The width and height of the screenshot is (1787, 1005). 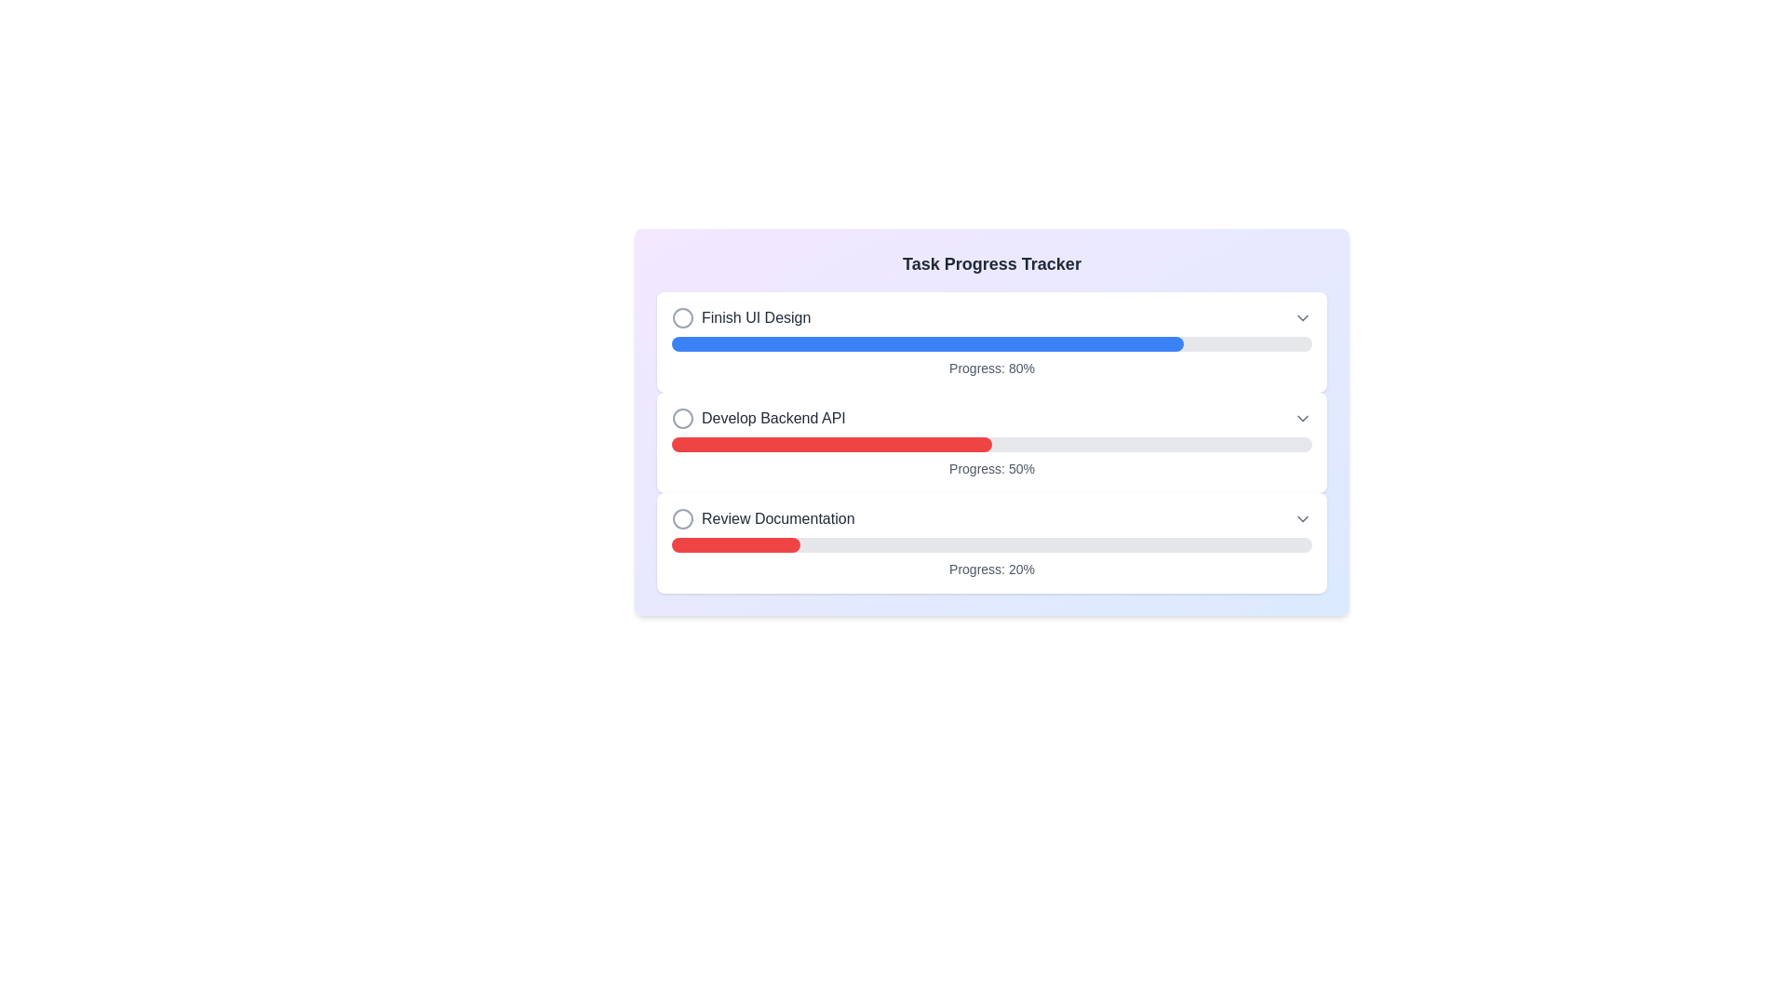 I want to click on the chevron-down arrow icon located at the far right end of the task row labeled 'Finish UI Design', so click(x=1302, y=317).